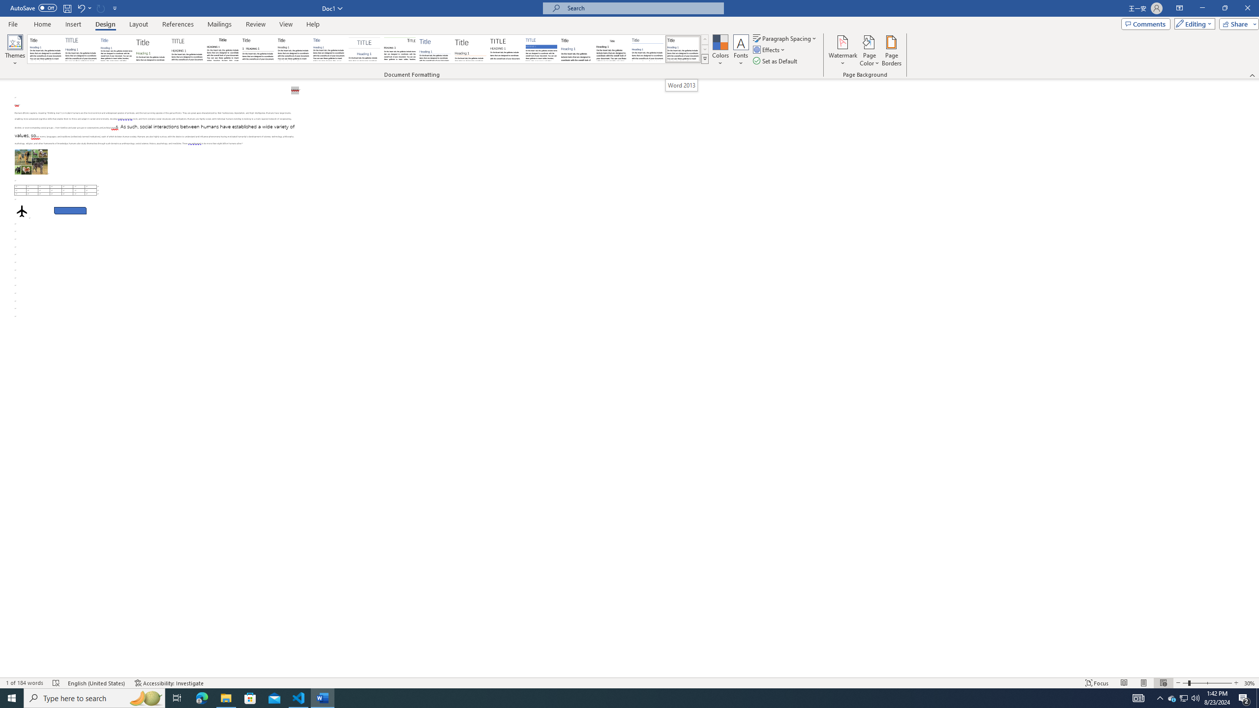  Describe the element at coordinates (719, 51) in the screenshot. I see `'Colors'` at that location.